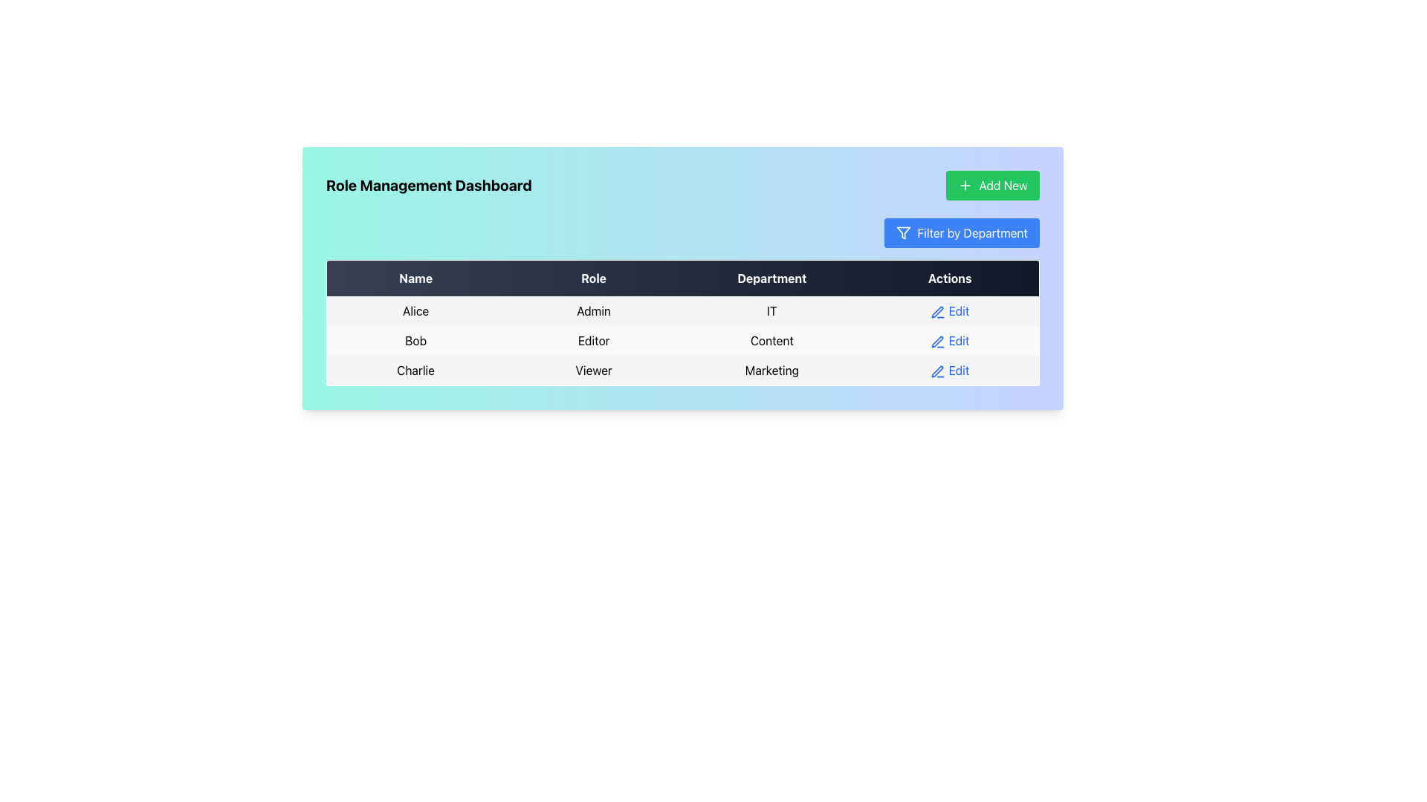 The height and width of the screenshot is (802, 1427). I want to click on the 'Edit' icon in the 'Actions' column for the user named 'Bob' in the second row of the table, so click(937, 311).